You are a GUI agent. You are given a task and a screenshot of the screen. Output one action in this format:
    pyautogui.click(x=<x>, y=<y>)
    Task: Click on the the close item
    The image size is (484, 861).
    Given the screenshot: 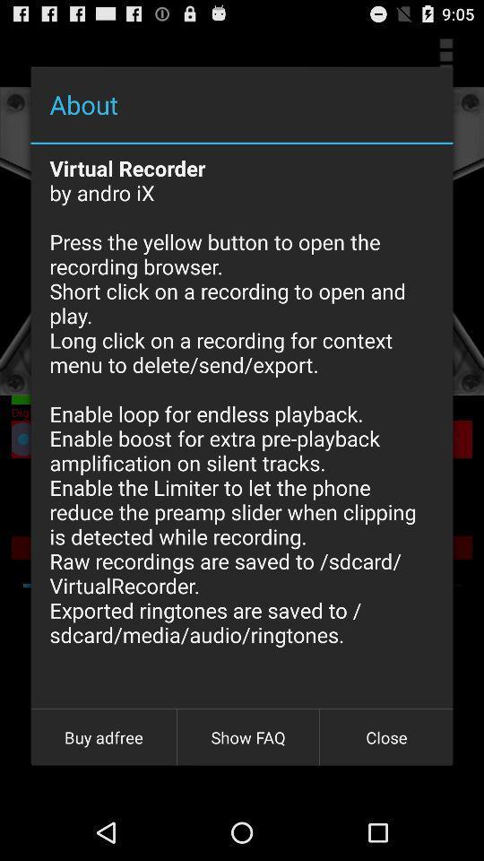 What is the action you would take?
    pyautogui.click(x=385, y=737)
    